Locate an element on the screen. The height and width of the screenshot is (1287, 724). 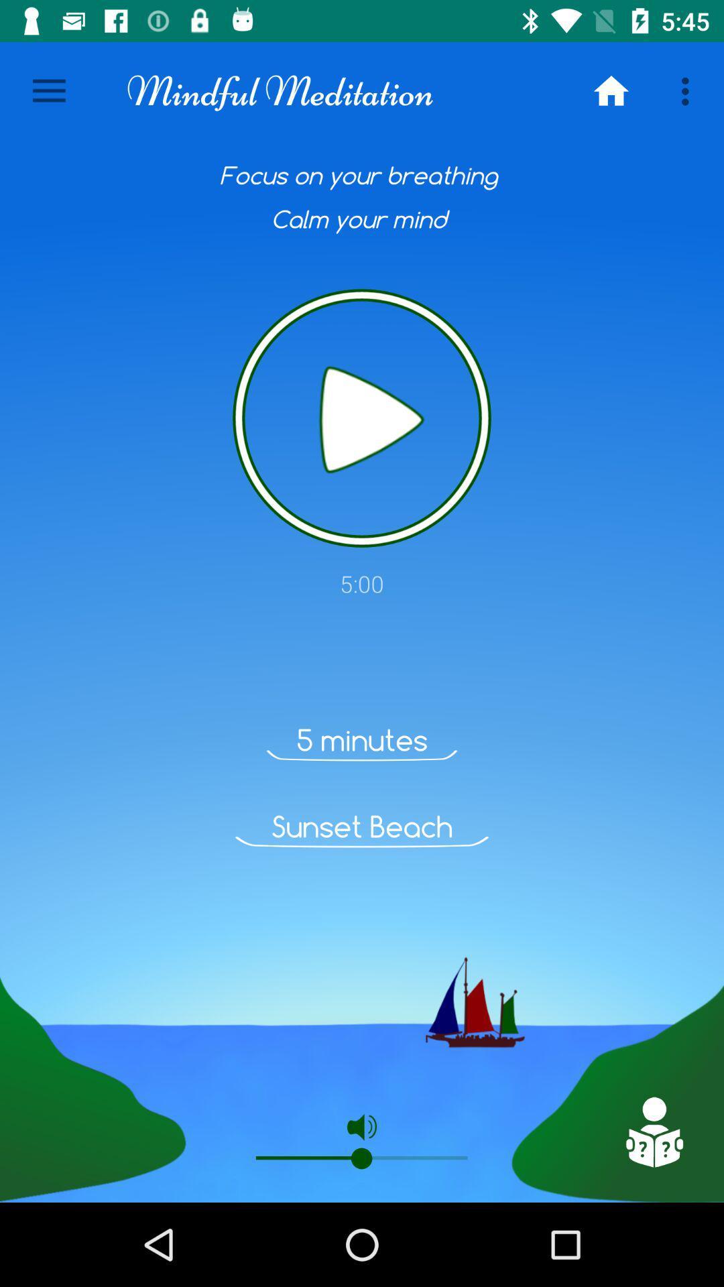
sound is located at coordinates (362, 418).